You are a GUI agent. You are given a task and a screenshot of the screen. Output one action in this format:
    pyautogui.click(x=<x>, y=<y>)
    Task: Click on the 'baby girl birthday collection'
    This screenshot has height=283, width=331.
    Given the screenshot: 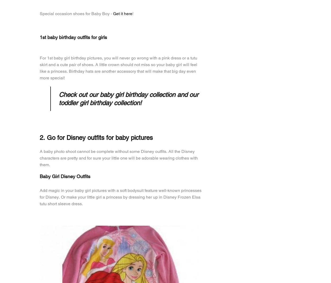 What is the action you would take?
    pyautogui.click(x=137, y=94)
    